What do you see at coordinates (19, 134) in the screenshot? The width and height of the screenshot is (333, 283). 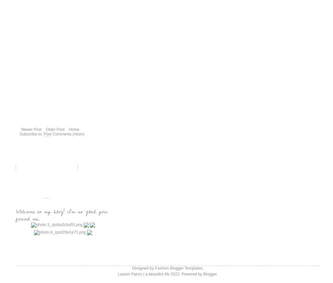 I see `'Subscribe to:'` at bounding box center [19, 134].